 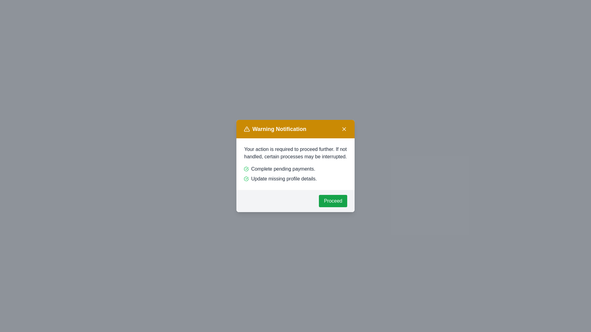 What do you see at coordinates (295, 152) in the screenshot?
I see `warning message displayed in the Text Block located inside the notification message box, directly below the header labeled 'Warning Notification'` at bounding box center [295, 152].